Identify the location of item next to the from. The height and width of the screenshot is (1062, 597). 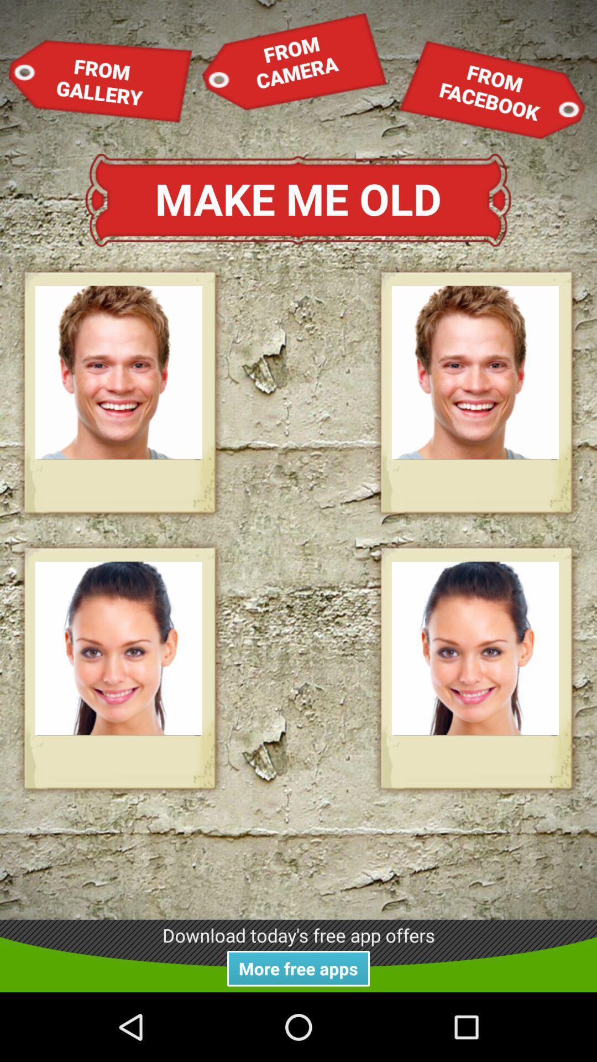
(294, 60).